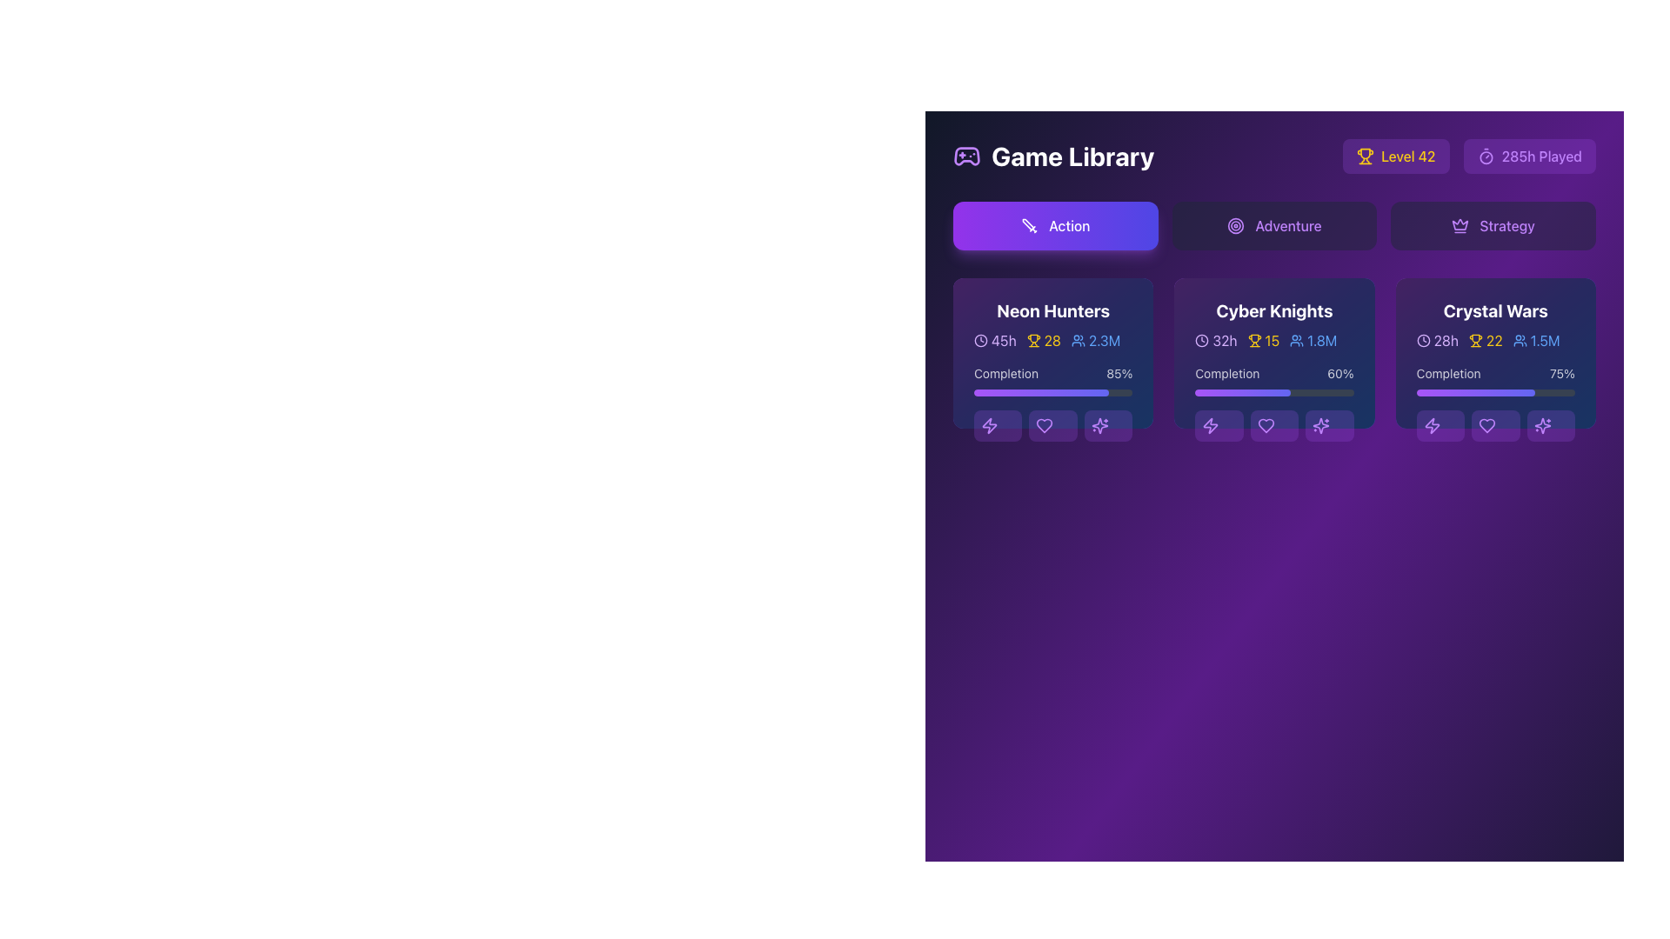 The height and width of the screenshot is (939, 1670). Describe the element at coordinates (1542, 425) in the screenshot. I see `the SVG icon shaped like multiple sparkles, which is the fourth button from the left in the group located below the 'Crystal Wars' section on the rightmost card, to observe the lighter hover state` at that location.